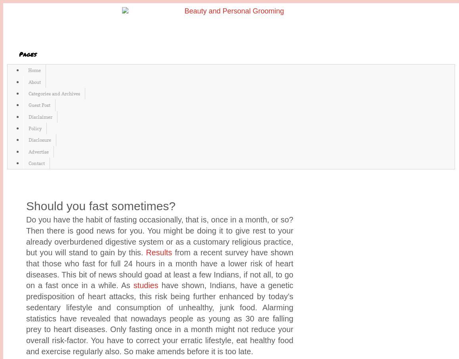  I want to click on 'Results', so click(159, 252).